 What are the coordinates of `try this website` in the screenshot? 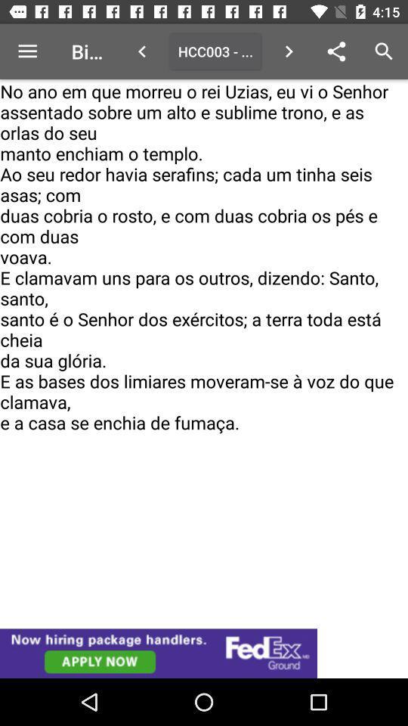 It's located at (204, 653).